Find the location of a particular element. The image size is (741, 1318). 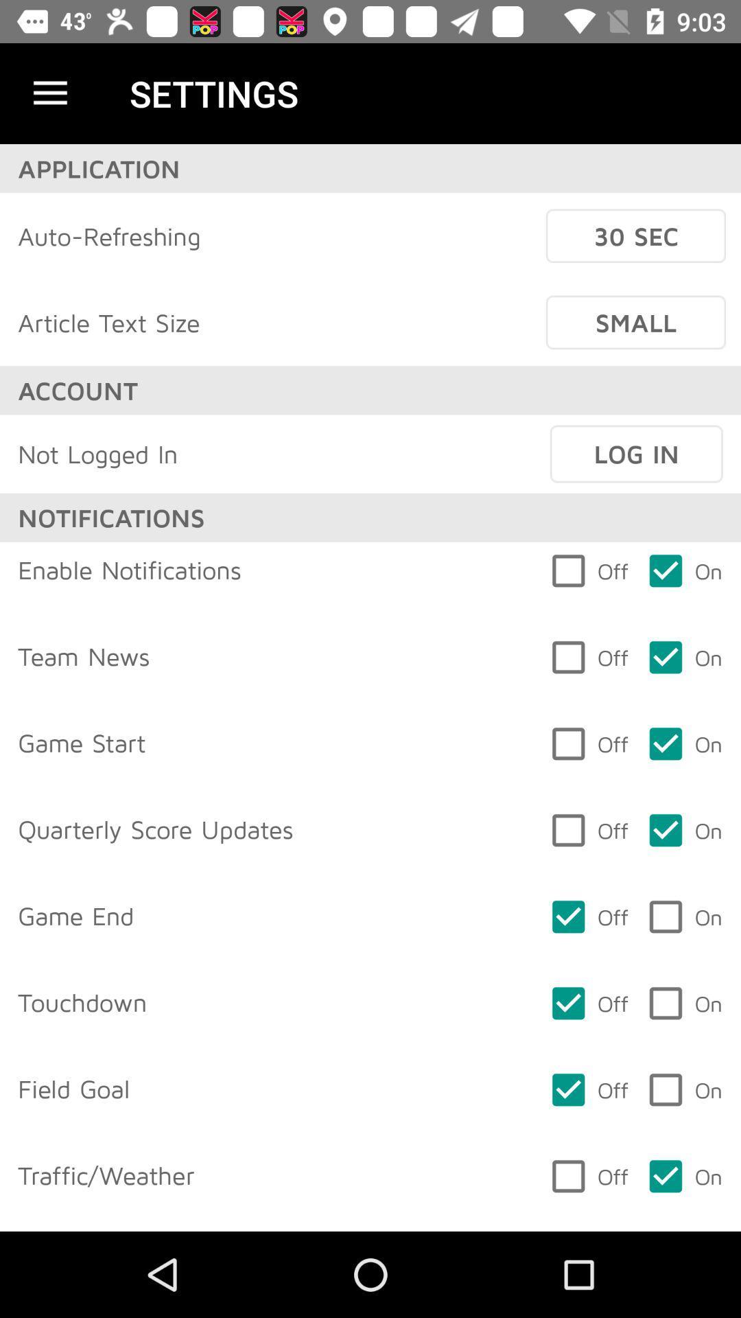

item above off item is located at coordinates (636, 454).